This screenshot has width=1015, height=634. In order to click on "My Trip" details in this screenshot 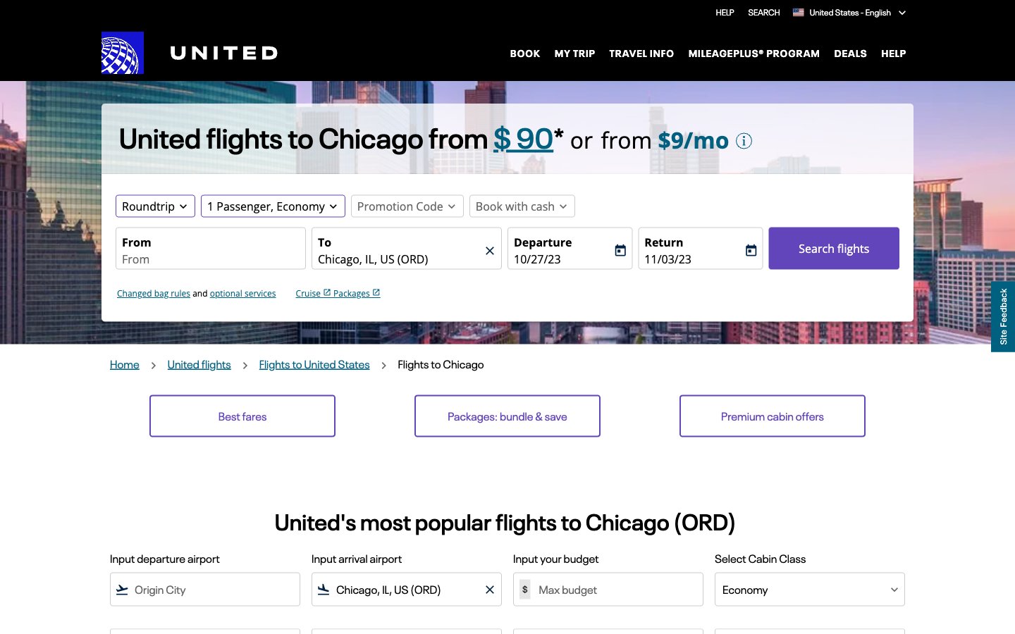, I will do `click(575, 51)`.